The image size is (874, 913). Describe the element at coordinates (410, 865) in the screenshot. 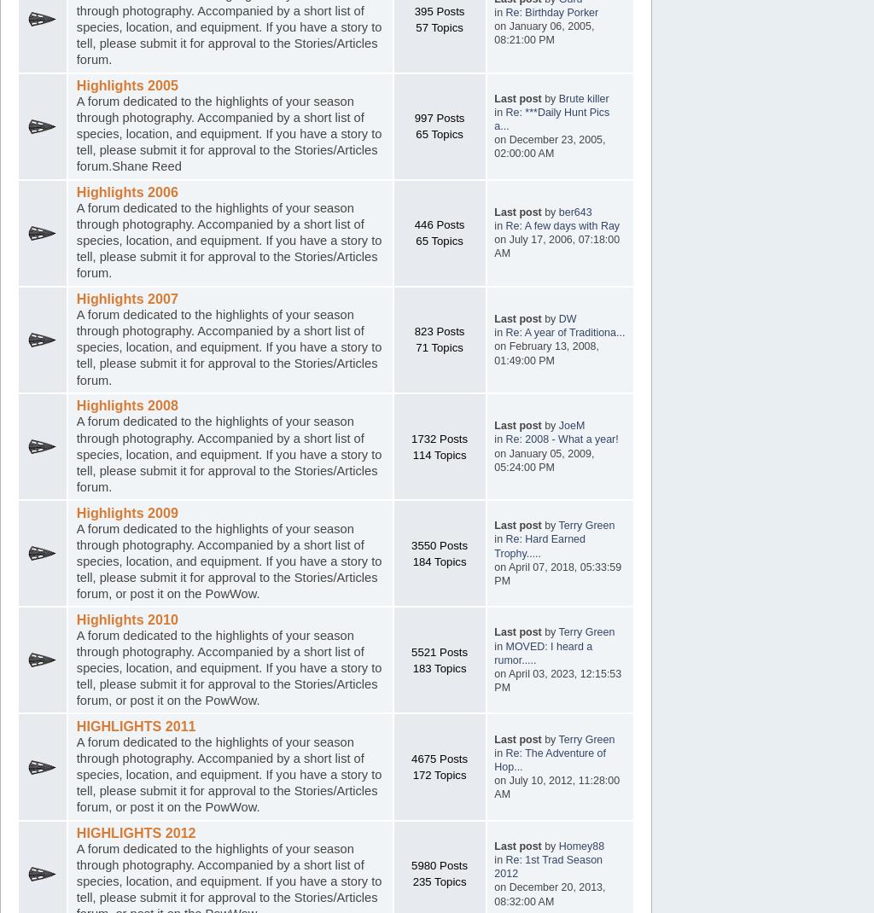

I see `'5980 Posts'` at that location.